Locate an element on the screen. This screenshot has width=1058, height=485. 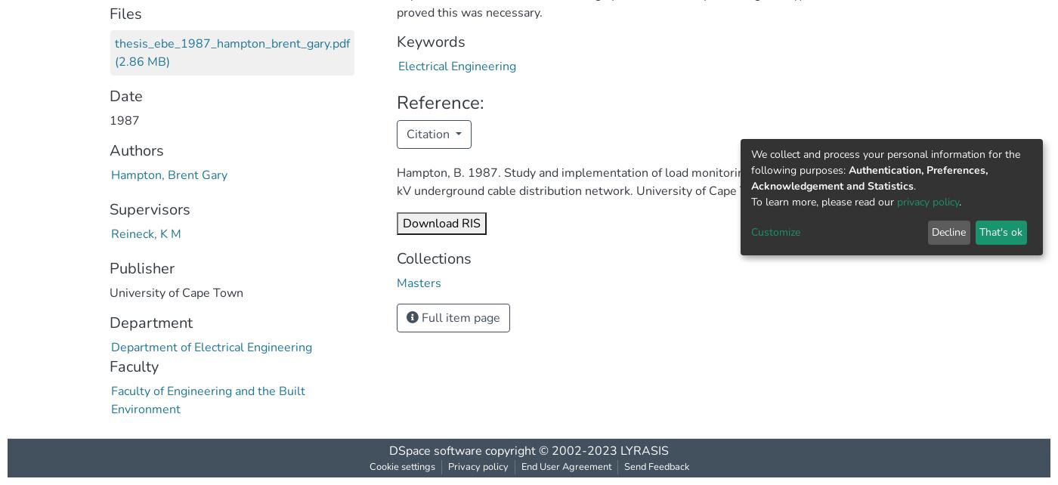
'Collections' is located at coordinates (434, 258).